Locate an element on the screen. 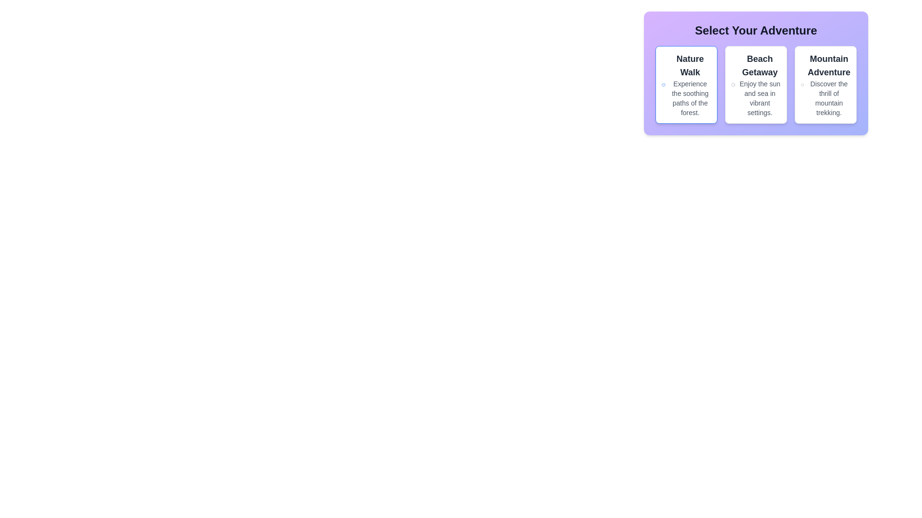  the text label that displays 'Nature Walk', which is styled in bold and larger size, located at the top of the first card in a vertically stacked layout is located at coordinates (690, 65).